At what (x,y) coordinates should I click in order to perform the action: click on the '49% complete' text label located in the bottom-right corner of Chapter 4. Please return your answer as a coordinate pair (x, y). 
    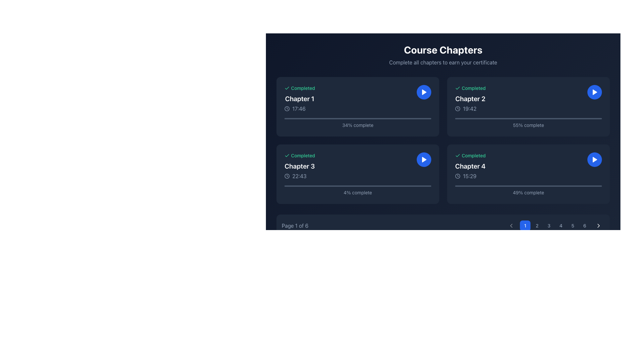
    Looking at the image, I should click on (528, 191).